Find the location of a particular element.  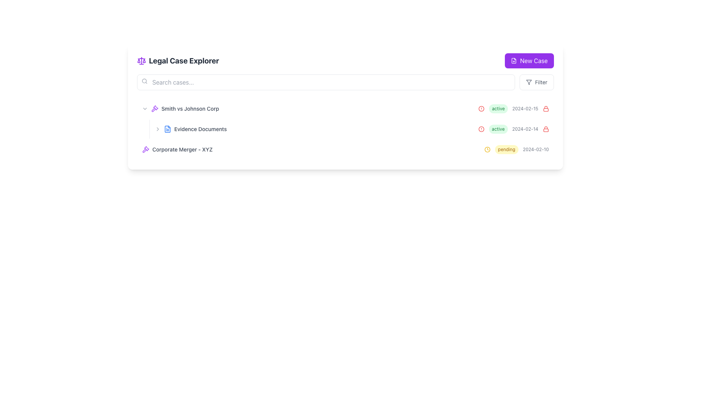

the 'Legal Case Explorer' text label heading located in the top-left section of the interface, which serves as a title for this functionality is located at coordinates (184, 60).